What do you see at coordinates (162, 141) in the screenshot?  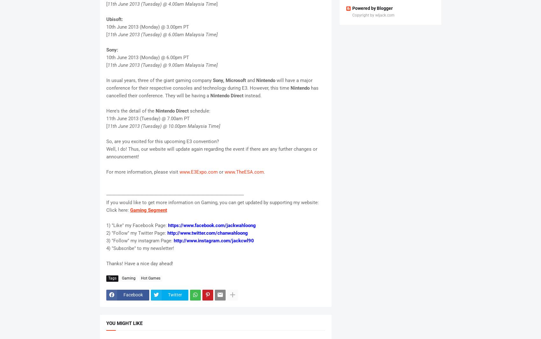 I see `'So, are you excited for this upcoming E3 convention?'` at bounding box center [162, 141].